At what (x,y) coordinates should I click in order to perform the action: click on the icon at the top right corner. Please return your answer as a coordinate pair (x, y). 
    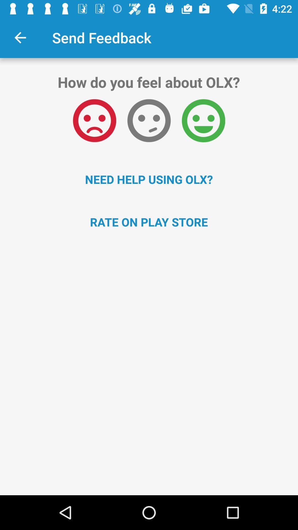
    Looking at the image, I should click on (203, 120).